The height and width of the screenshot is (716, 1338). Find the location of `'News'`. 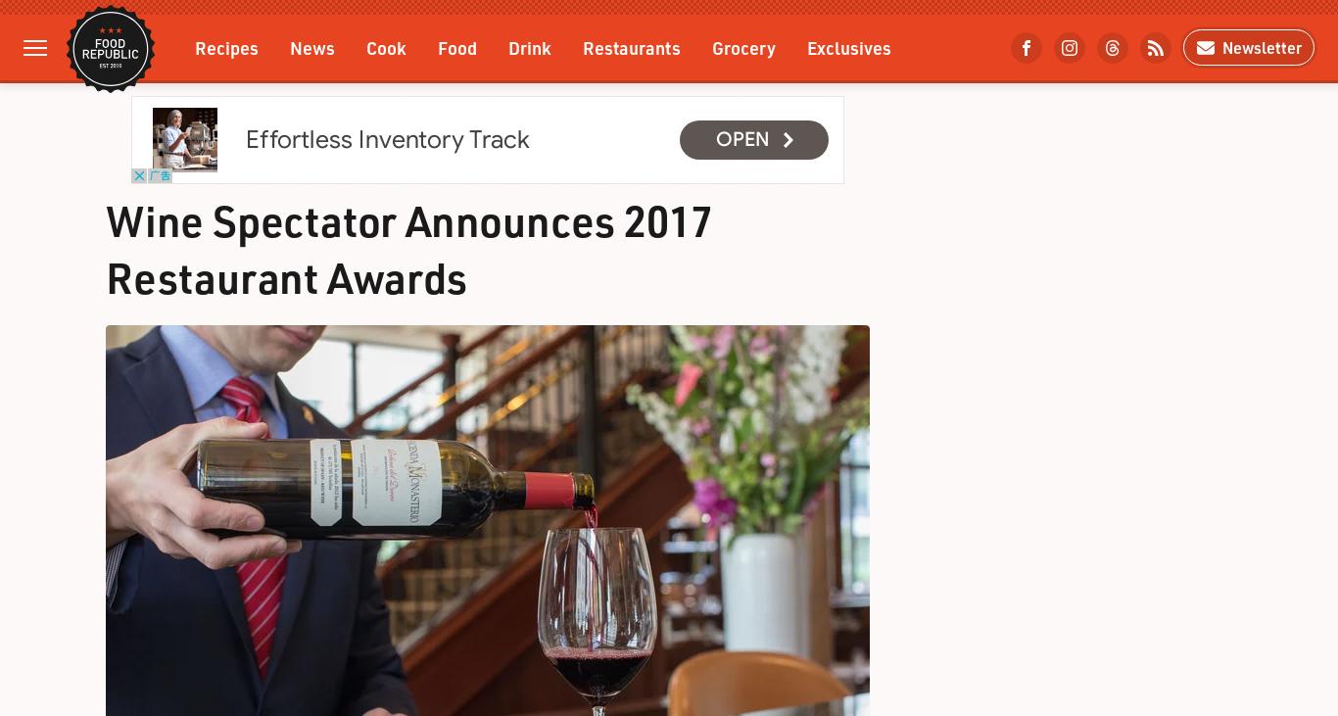

'News' is located at coordinates (311, 46).